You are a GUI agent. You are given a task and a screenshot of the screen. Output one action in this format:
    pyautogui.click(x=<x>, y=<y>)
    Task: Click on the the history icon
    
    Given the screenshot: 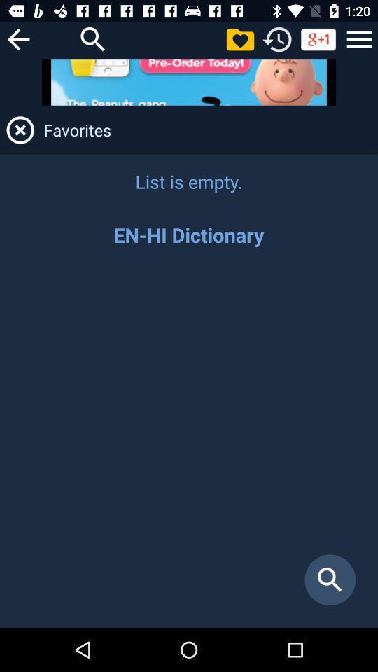 What is the action you would take?
    pyautogui.click(x=277, y=38)
    